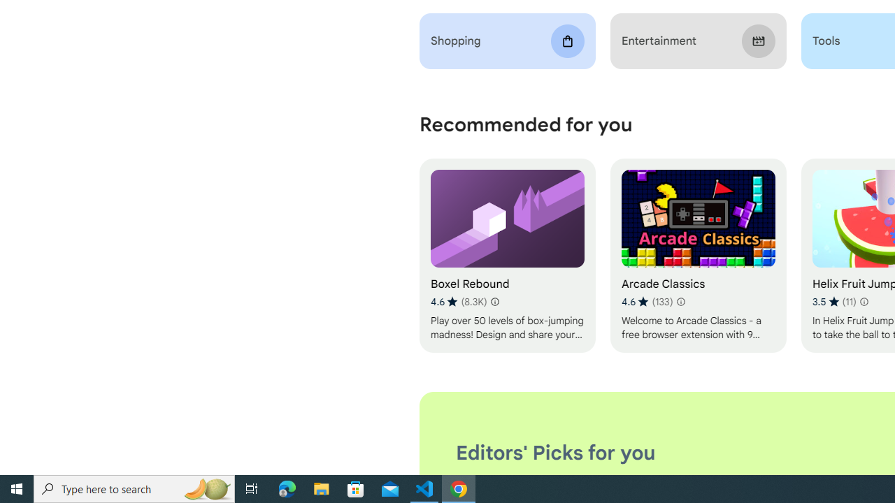  Describe the element at coordinates (506, 256) in the screenshot. I see `'Boxel Rebound'` at that location.